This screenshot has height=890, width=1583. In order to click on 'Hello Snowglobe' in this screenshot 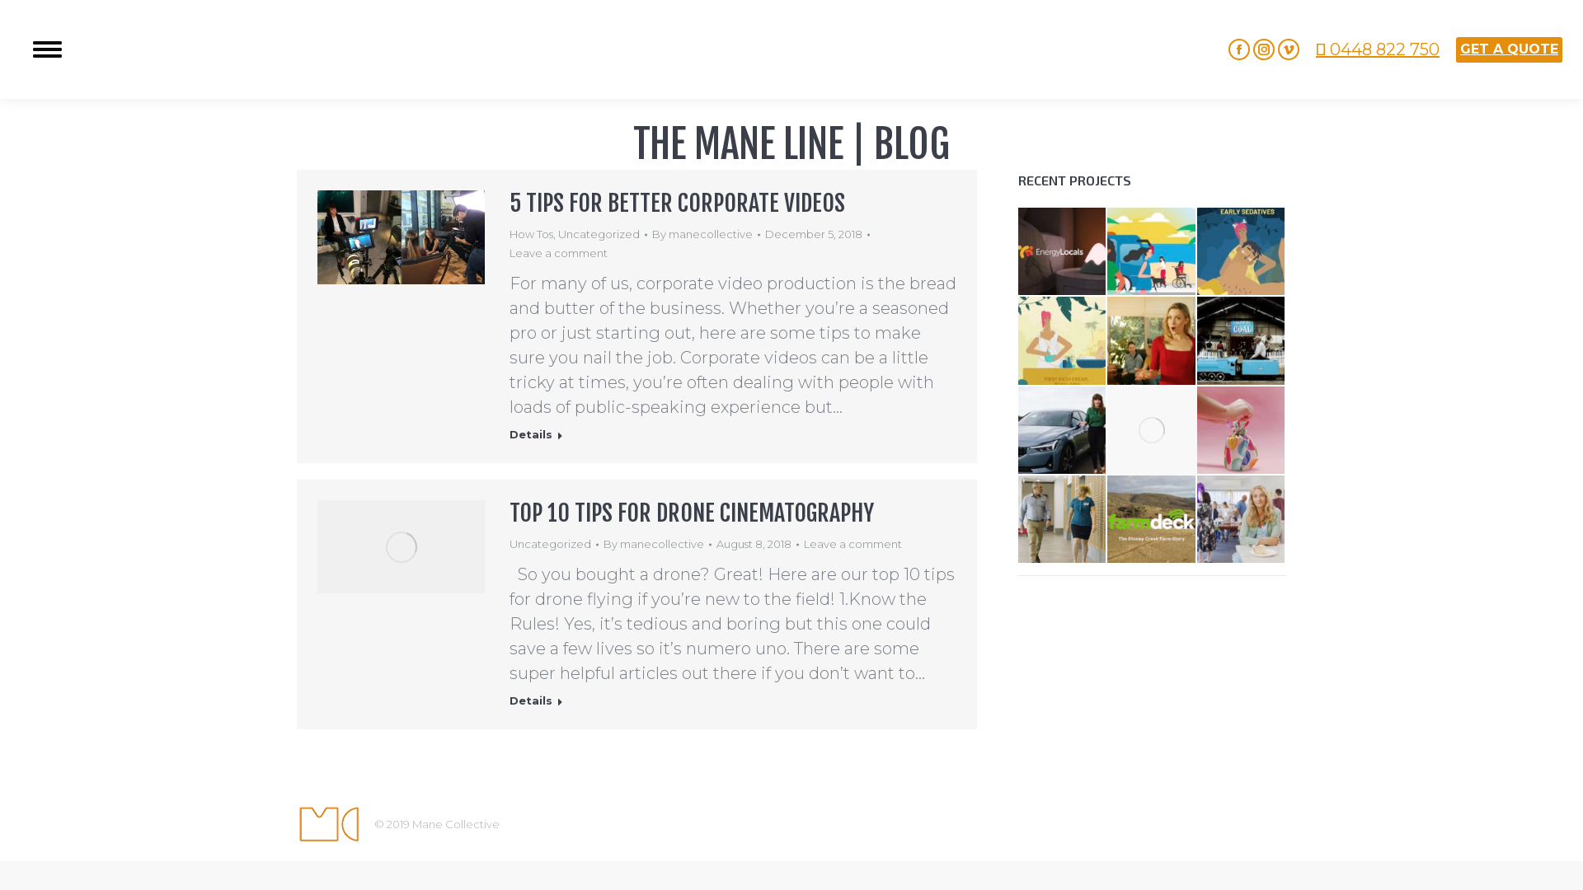, I will do `click(1242, 430)`.